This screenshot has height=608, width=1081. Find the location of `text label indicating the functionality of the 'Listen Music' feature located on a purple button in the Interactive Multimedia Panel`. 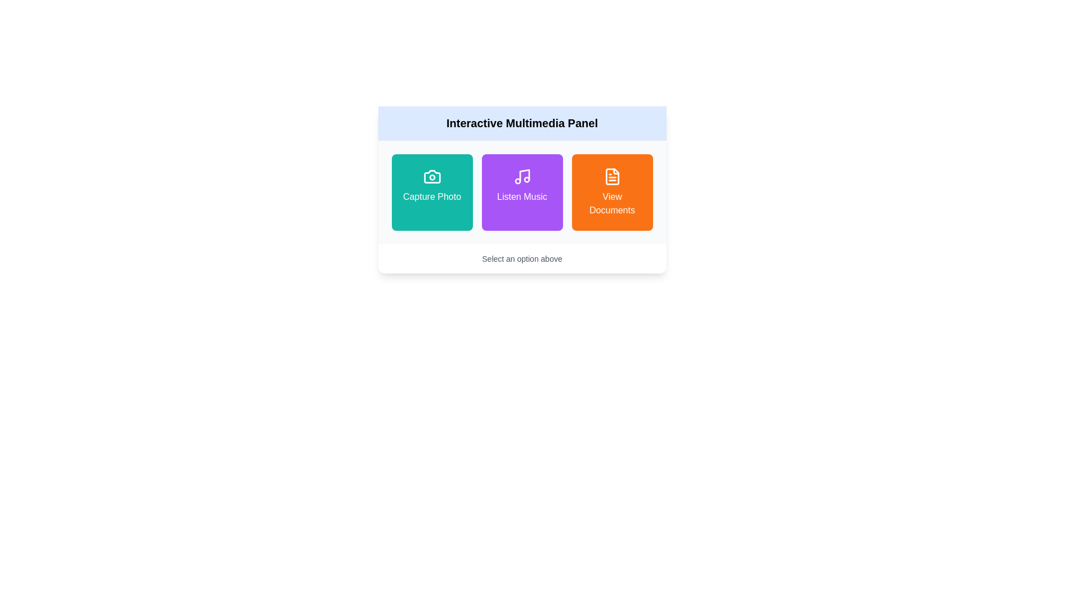

text label indicating the functionality of the 'Listen Music' feature located on a purple button in the Interactive Multimedia Panel is located at coordinates (521, 196).